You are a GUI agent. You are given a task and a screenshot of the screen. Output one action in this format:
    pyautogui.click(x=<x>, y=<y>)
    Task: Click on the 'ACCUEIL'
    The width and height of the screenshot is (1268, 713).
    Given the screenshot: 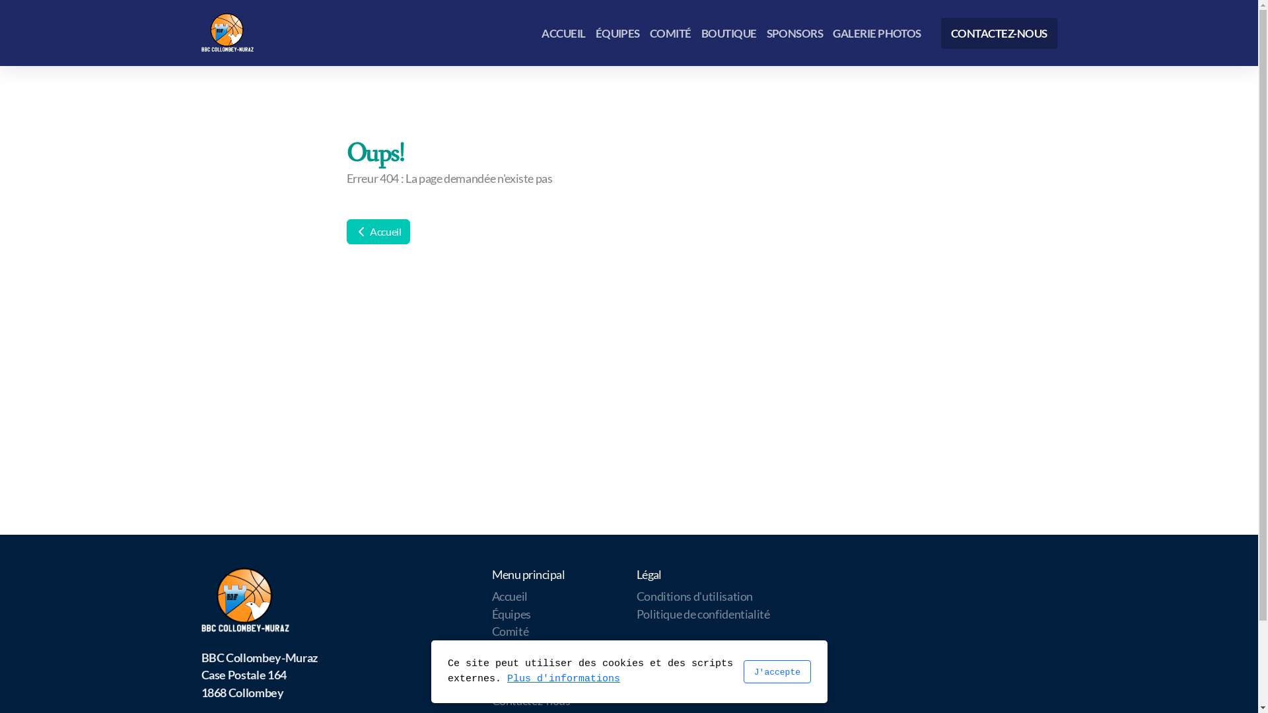 What is the action you would take?
    pyautogui.click(x=563, y=32)
    